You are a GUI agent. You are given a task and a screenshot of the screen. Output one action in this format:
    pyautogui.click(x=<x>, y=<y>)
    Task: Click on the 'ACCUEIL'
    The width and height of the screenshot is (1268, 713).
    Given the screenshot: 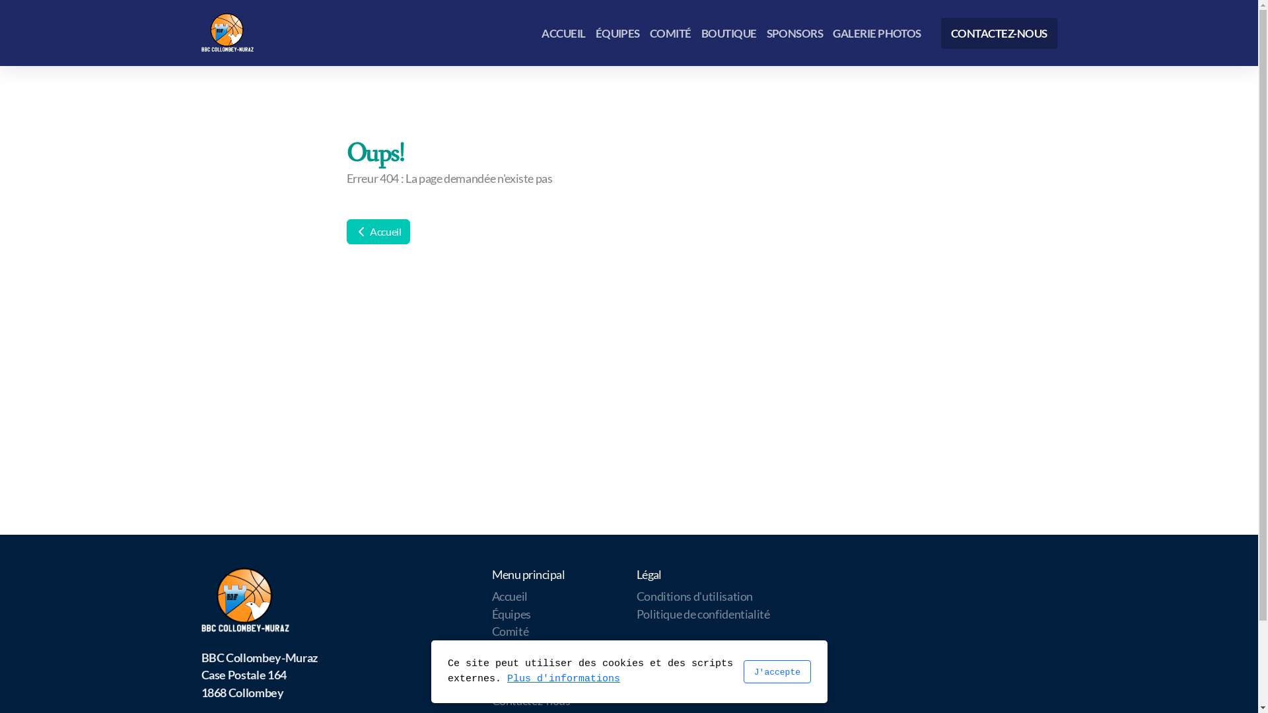 What is the action you would take?
    pyautogui.click(x=563, y=32)
    